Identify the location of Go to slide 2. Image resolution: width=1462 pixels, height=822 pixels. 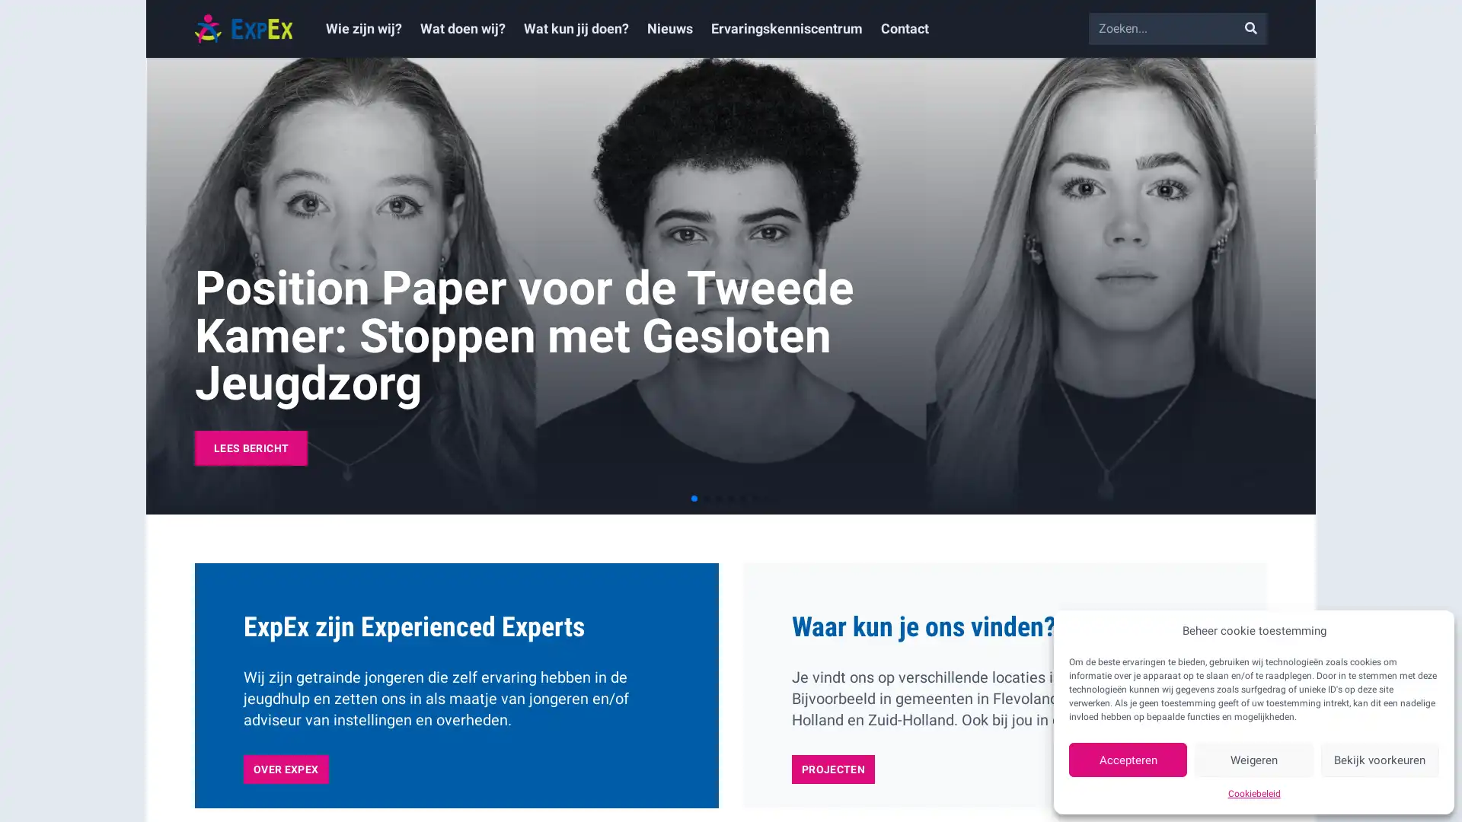
(705, 499).